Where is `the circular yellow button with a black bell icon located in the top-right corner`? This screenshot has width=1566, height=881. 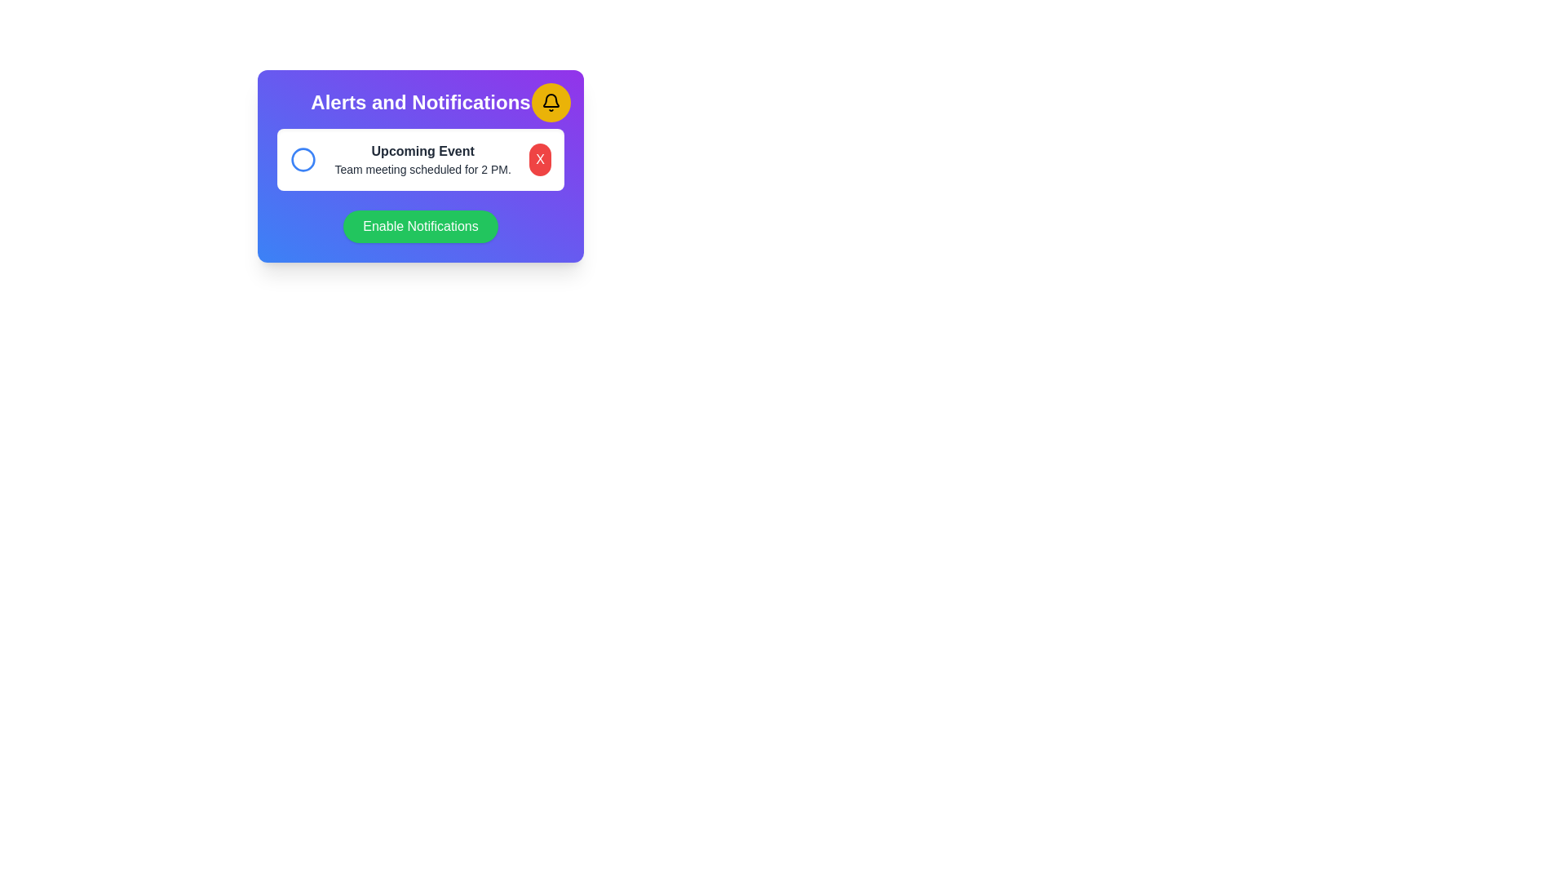 the circular yellow button with a black bell icon located in the top-right corner is located at coordinates (551, 103).